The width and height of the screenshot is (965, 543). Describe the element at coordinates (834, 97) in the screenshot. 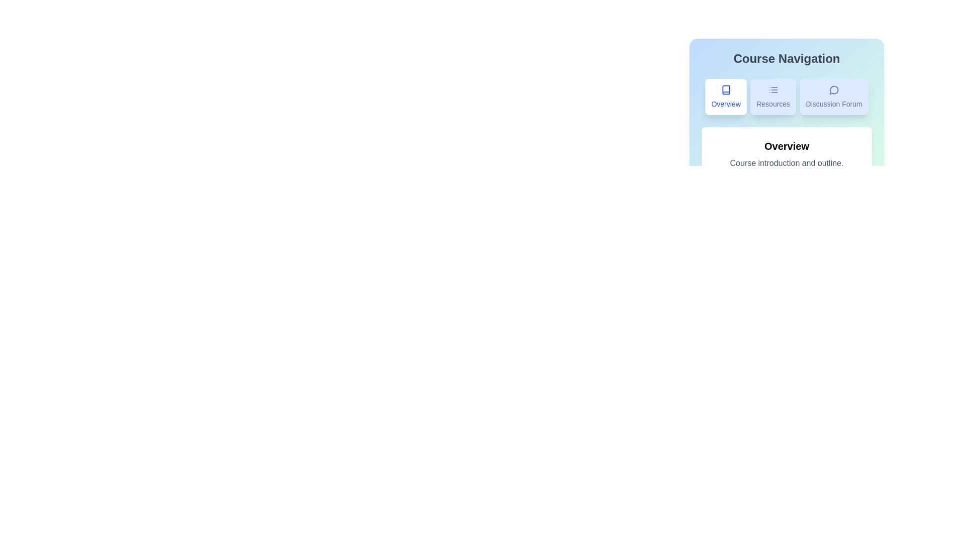

I see `the Discussion Forum tab` at that location.